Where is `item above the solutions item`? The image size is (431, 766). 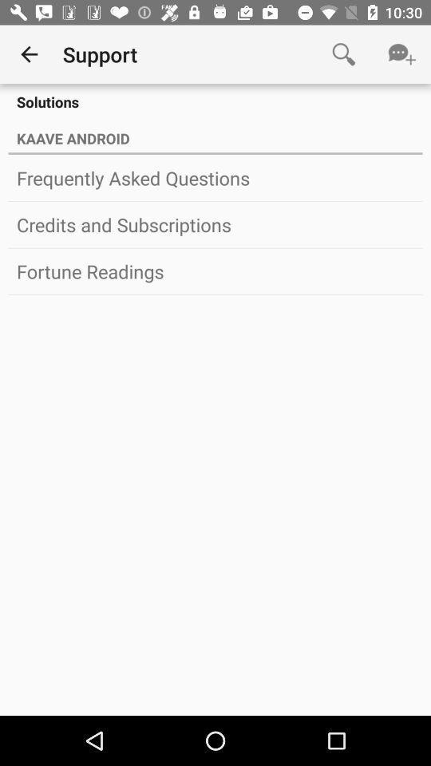 item above the solutions item is located at coordinates (342, 54).